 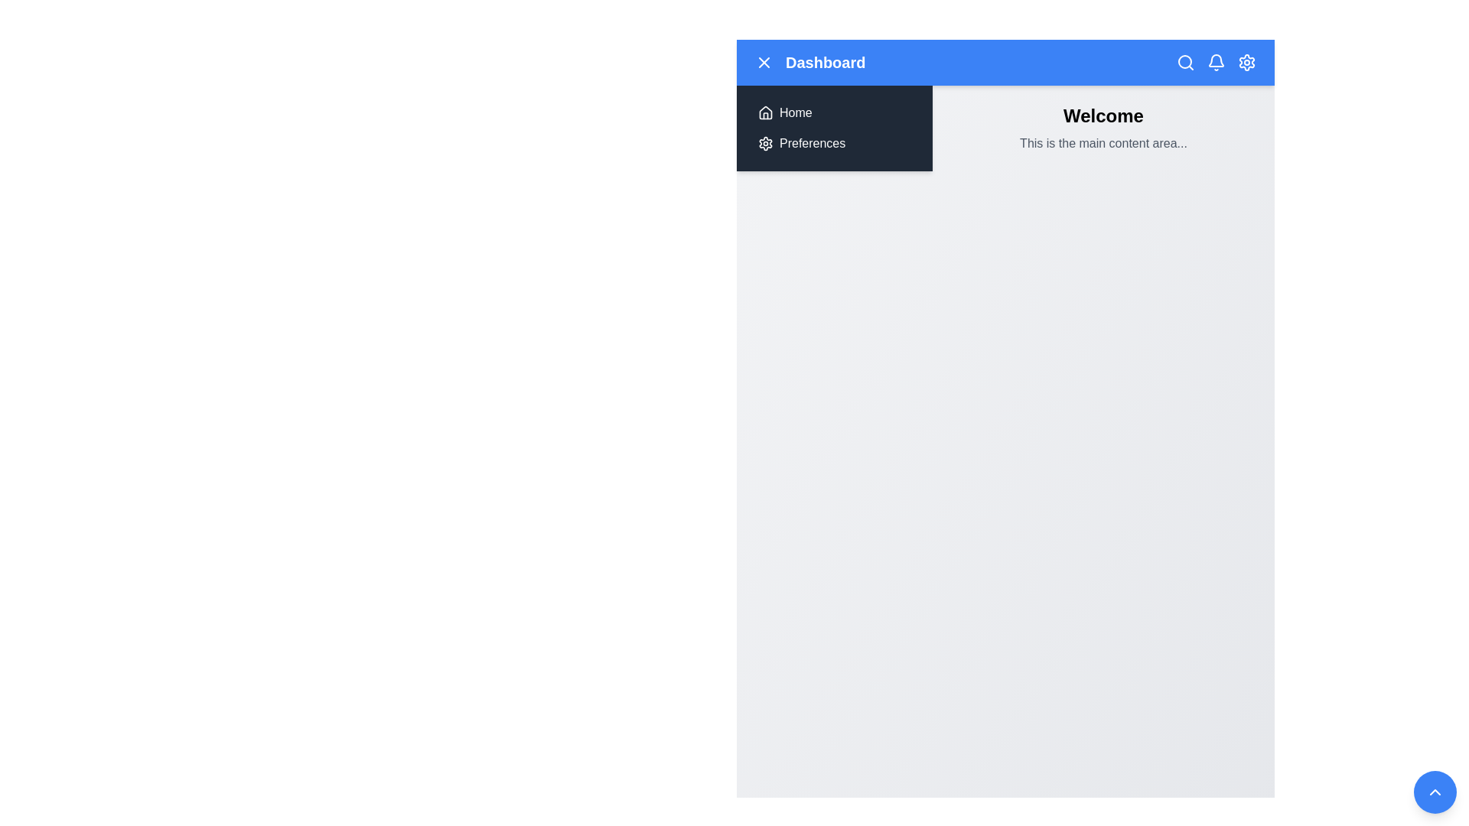 What do you see at coordinates (764, 61) in the screenshot?
I see `the Icon Line in the top left of the app's navigation bar` at bounding box center [764, 61].